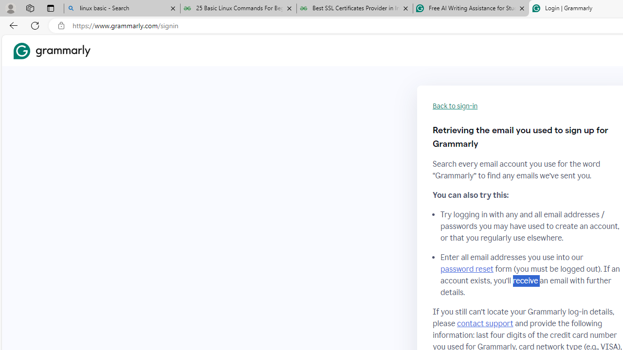  I want to click on 'password reset', so click(466, 269).